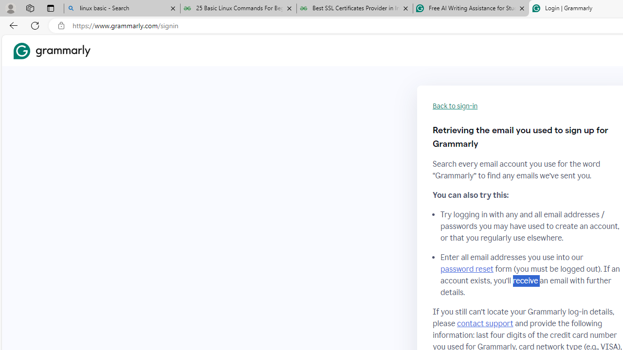  I want to click on 'password reset', so click(466, 269).